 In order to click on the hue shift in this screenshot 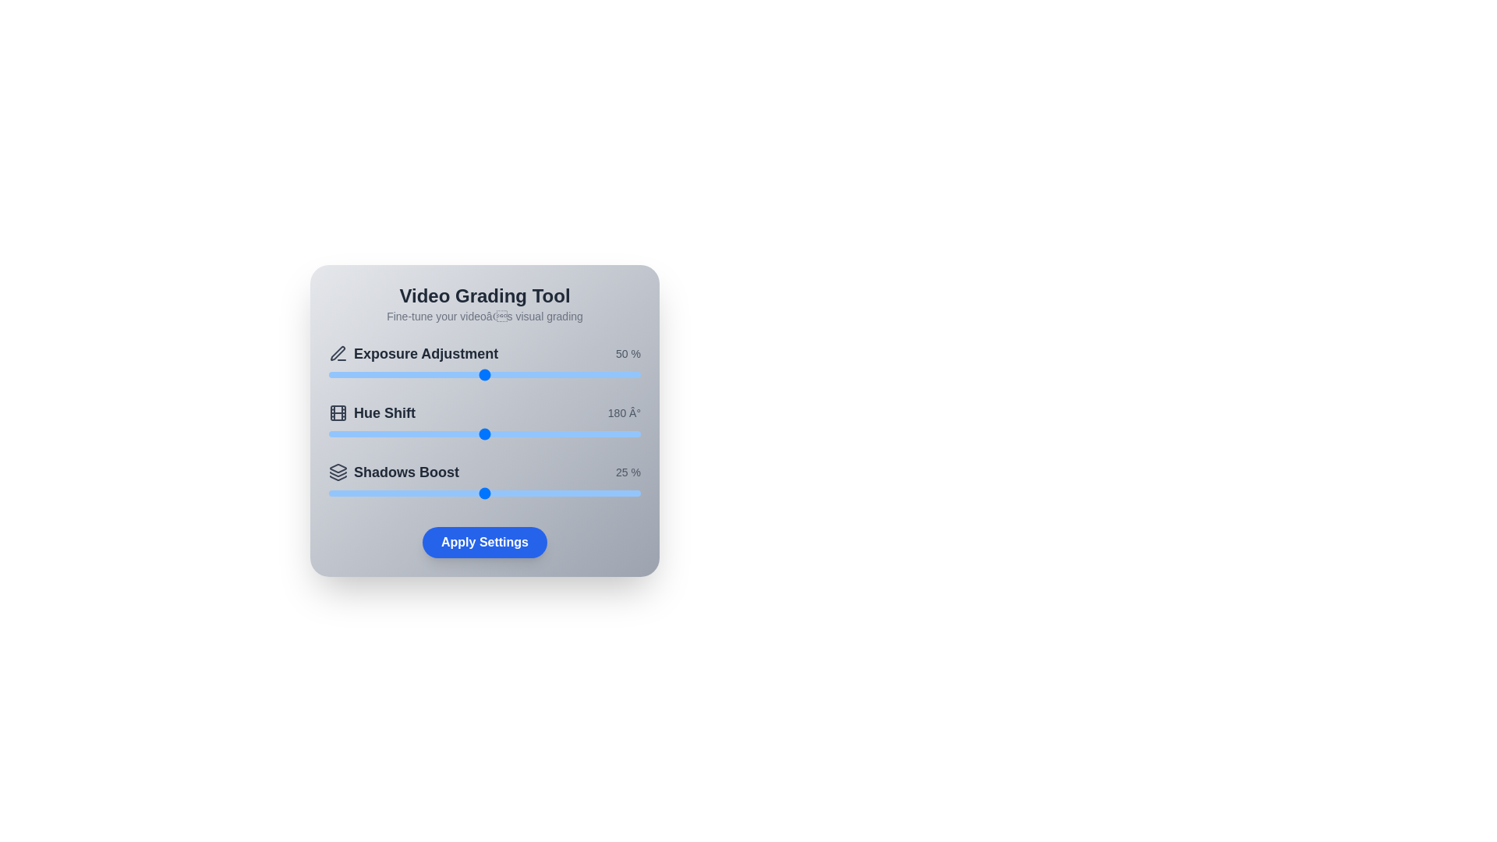, I will do `click(434, 433)`.